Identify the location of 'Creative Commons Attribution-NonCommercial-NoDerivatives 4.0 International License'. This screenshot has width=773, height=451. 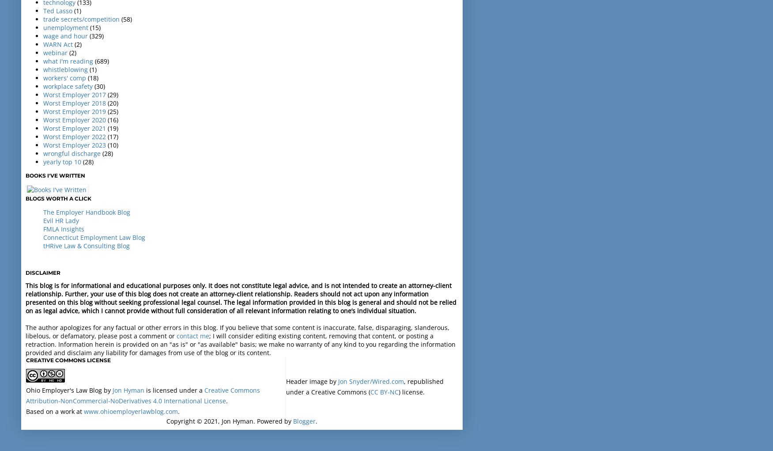
(143, 395).